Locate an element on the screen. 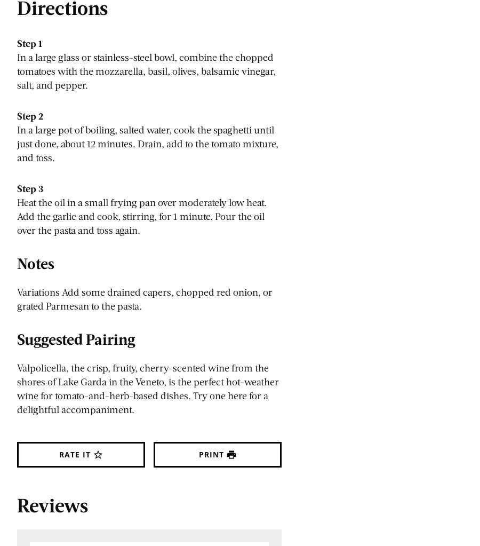 This screenshot has width=480, height=546. 'Print' is located at coordinates (211, 454).